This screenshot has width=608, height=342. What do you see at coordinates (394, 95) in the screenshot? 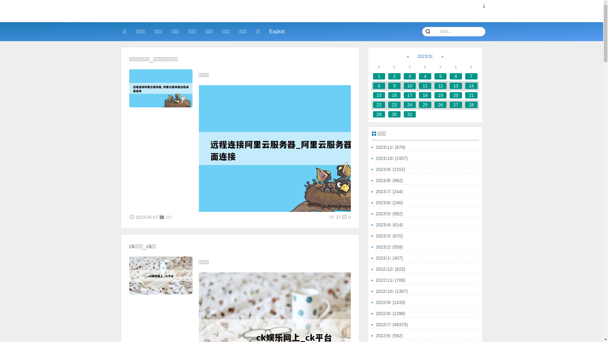
I see `'16'` at bounding box center [394, 95].